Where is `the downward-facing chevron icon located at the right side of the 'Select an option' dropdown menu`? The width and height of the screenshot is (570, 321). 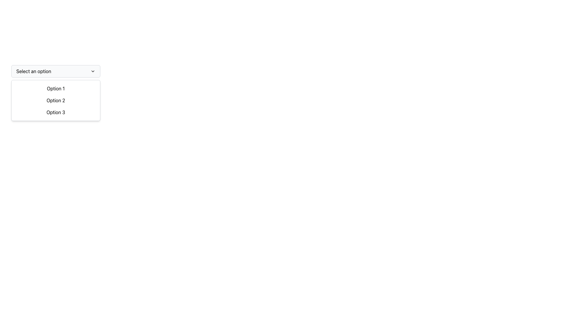 the downward-facing chevron icon located at the right side of the 'Select an option' dropdown menu is located at coordinates (92, 71).